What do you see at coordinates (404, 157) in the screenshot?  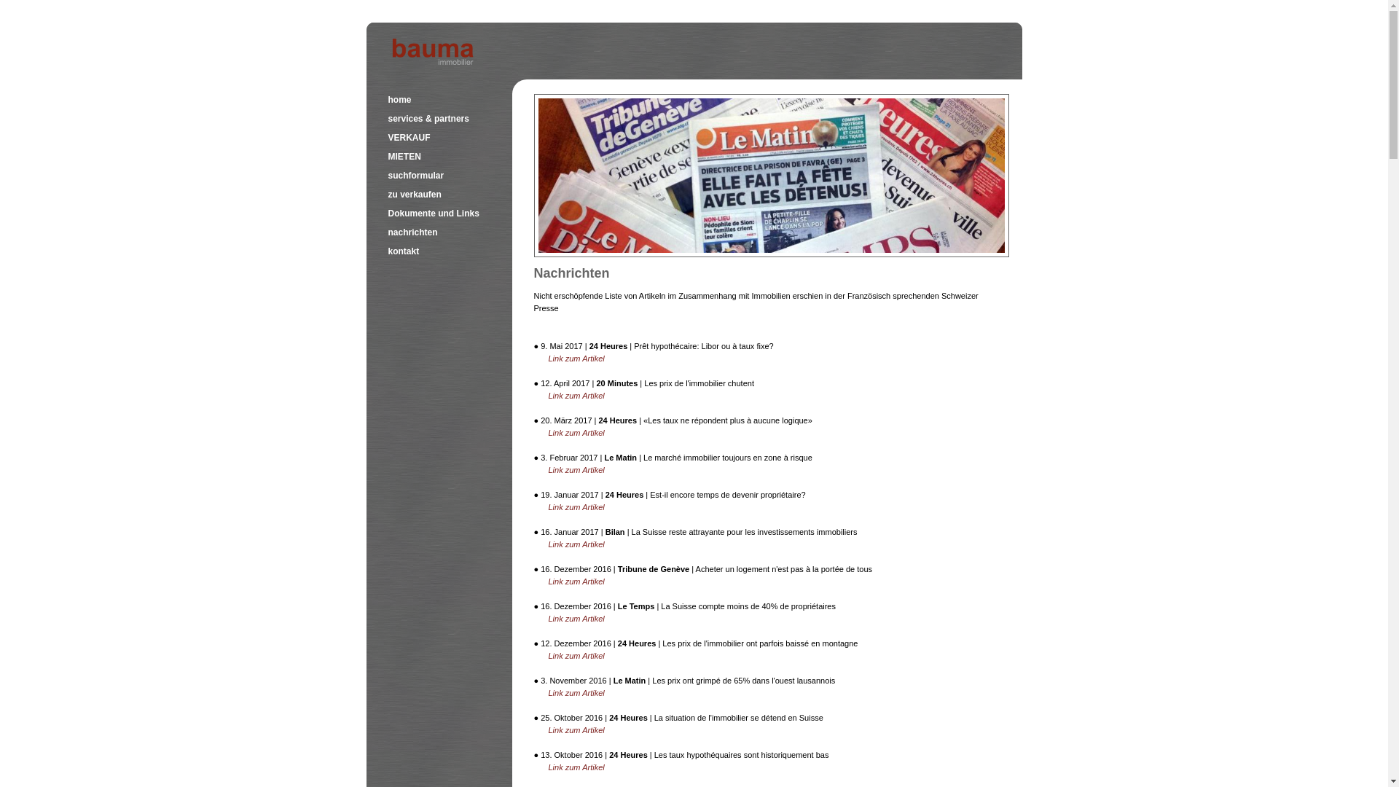 I see `'MIETEN'` at bounding box center [404, 157].